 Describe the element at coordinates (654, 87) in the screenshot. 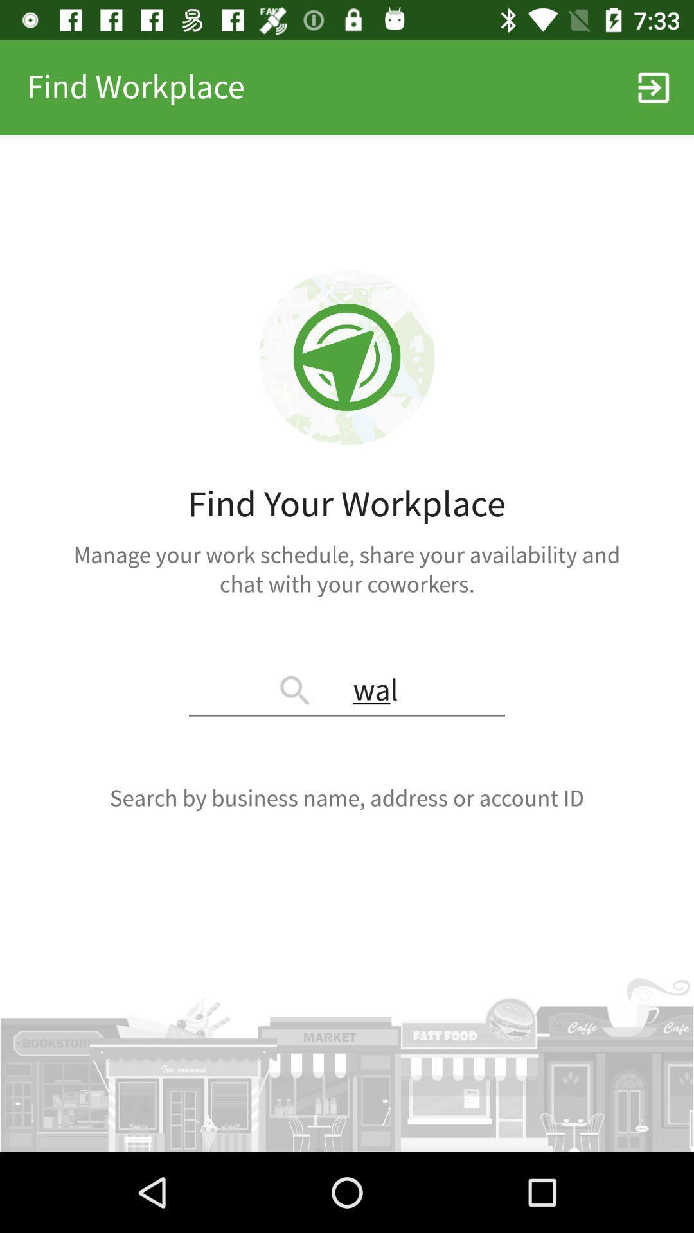

I see `the item at the top right corner` at that location.